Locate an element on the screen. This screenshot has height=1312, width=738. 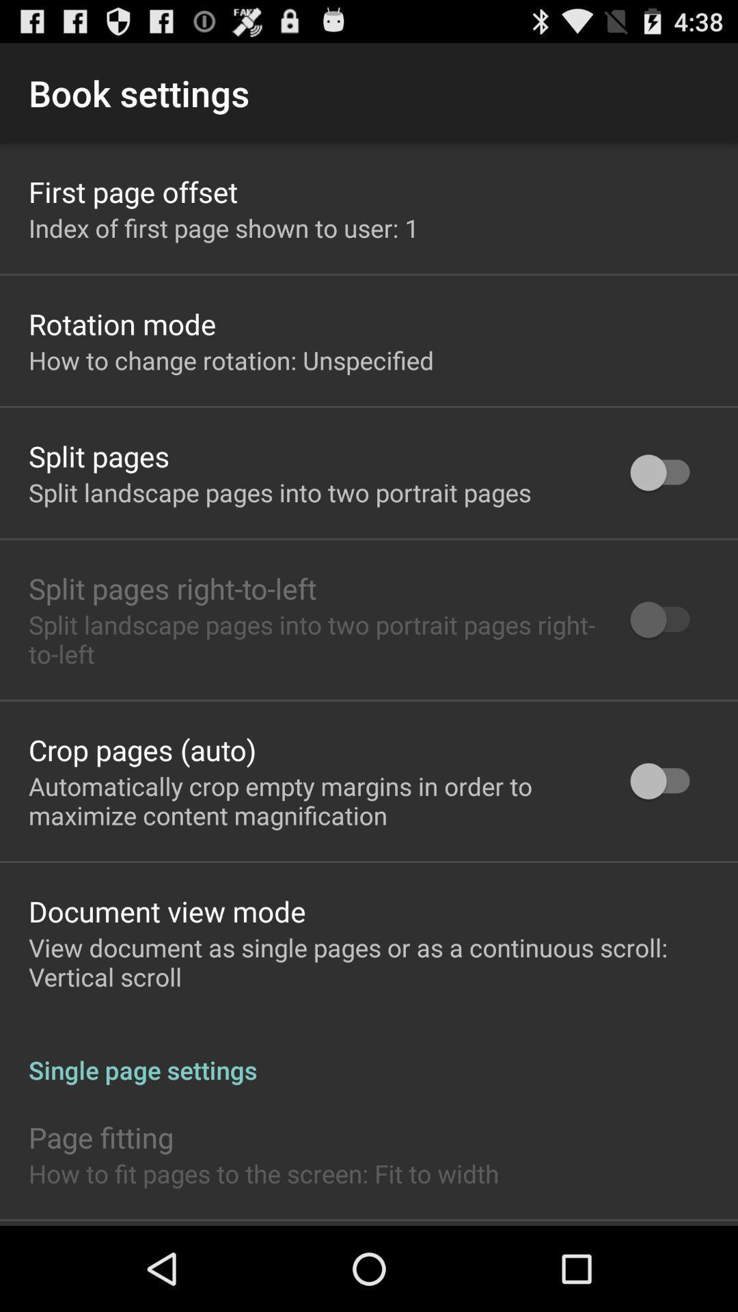
app above the automatically crop empty icon is located at coordinates (142, 749).